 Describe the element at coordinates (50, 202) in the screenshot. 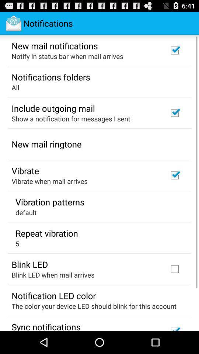

I see `icon above default app` at that location.